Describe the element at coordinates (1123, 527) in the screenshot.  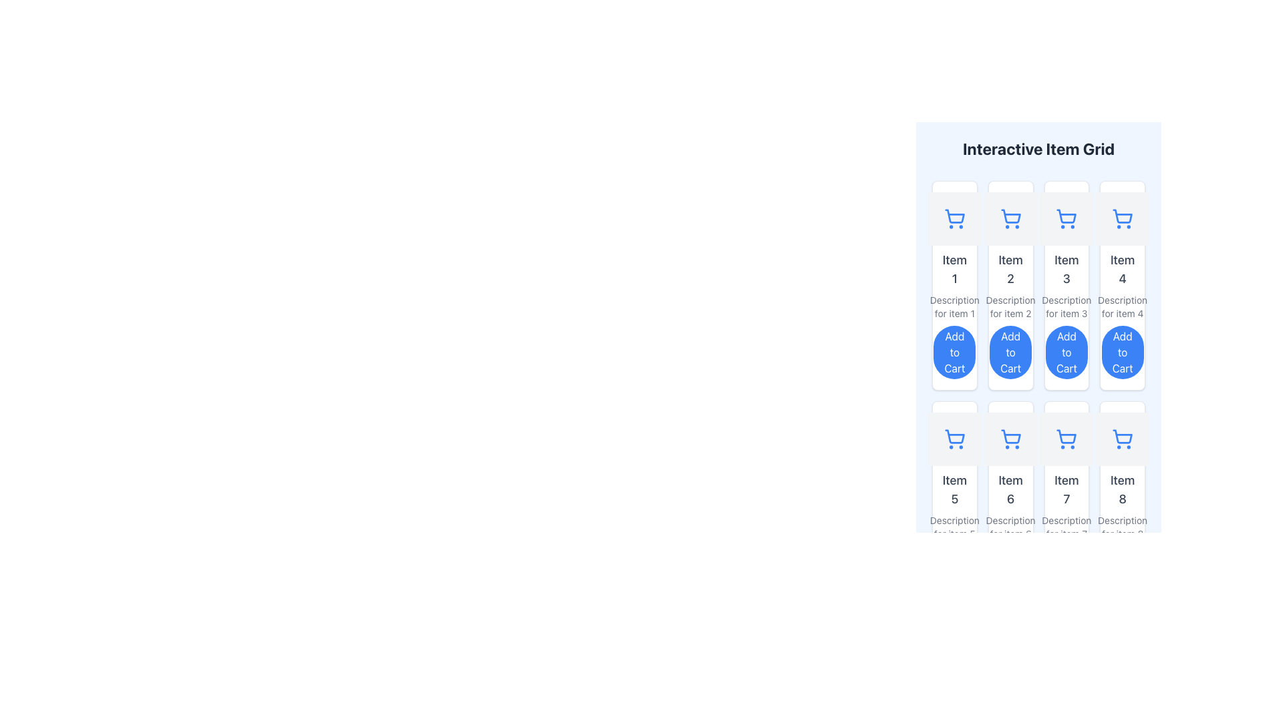
I see `the text label that reads 'Description for item 8', which is styled in a smaller gray font and located below the title 'Item 8' and above the 'Add to Cart' button` at that location.